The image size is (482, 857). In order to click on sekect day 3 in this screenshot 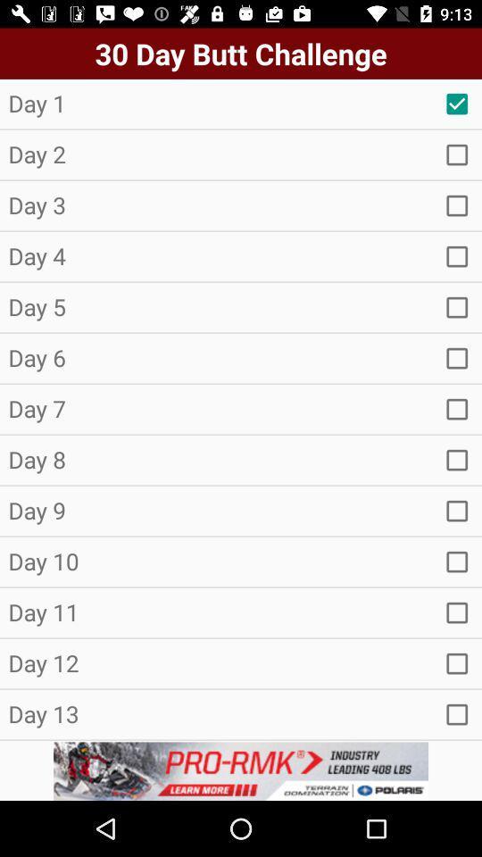, I will do `click(457, 205)`.